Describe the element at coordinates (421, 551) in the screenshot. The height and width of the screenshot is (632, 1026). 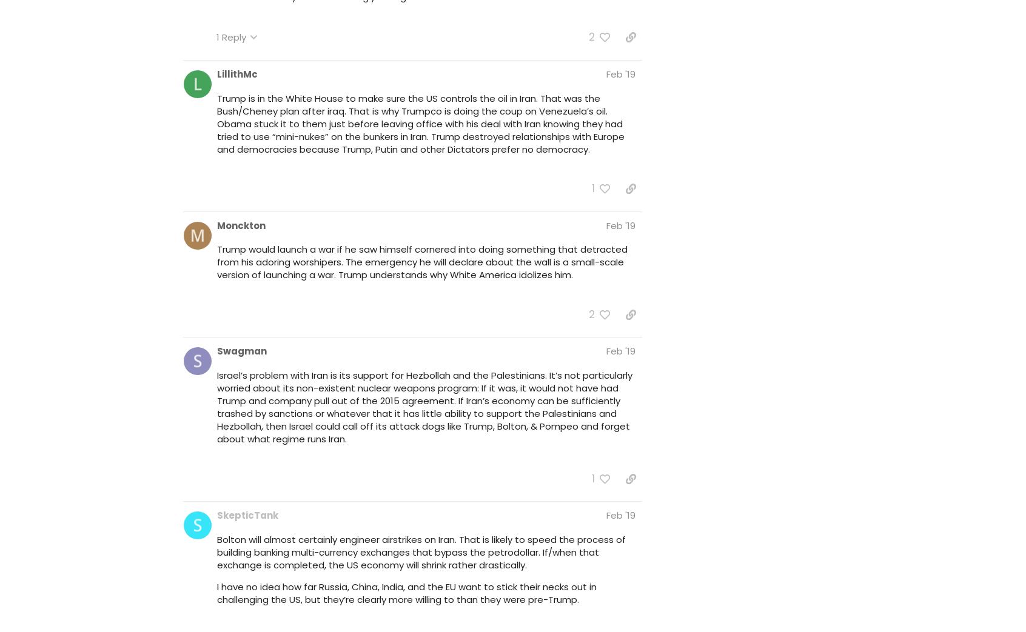
I see `'Bolton will almost certainly engineer airstrikes on Iran. That is likely to speed the process of building banking multi-currency exchanges that bypass the petrodollar. If/when that exchange is completed, the US economy will shrink rather drastically.'` at that location.